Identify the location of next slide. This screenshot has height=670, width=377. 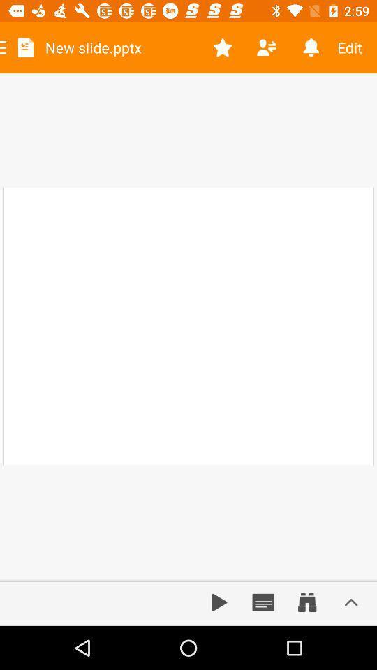
(219, 602).